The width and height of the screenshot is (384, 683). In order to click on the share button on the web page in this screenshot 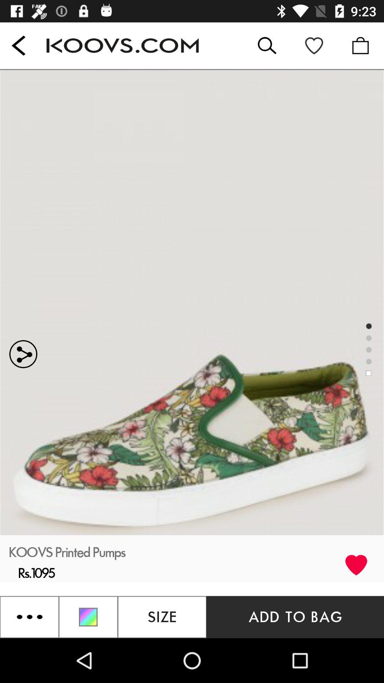, I will do `click(96, 302)`.